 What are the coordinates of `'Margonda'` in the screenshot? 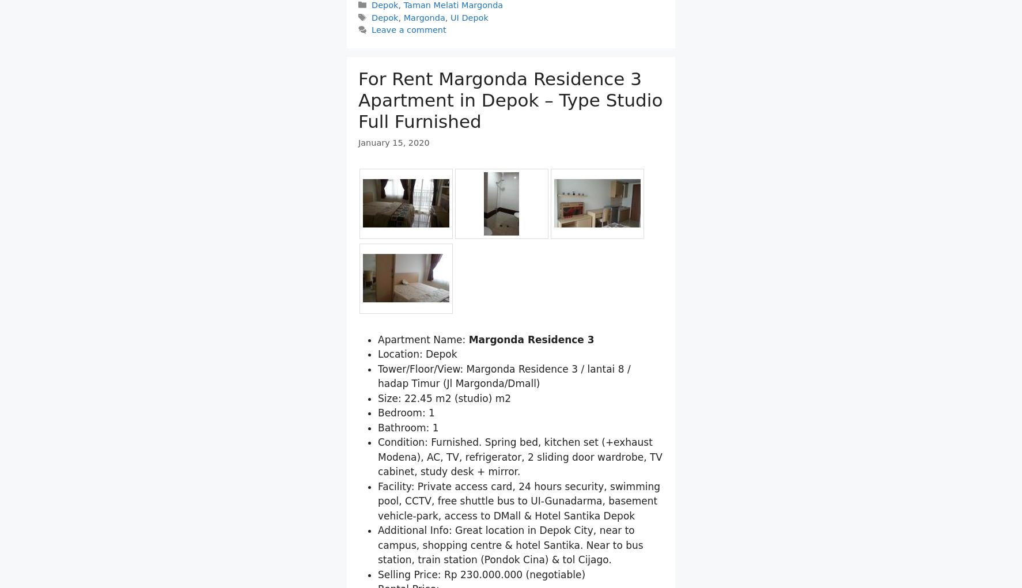 It's located at (423, 77).